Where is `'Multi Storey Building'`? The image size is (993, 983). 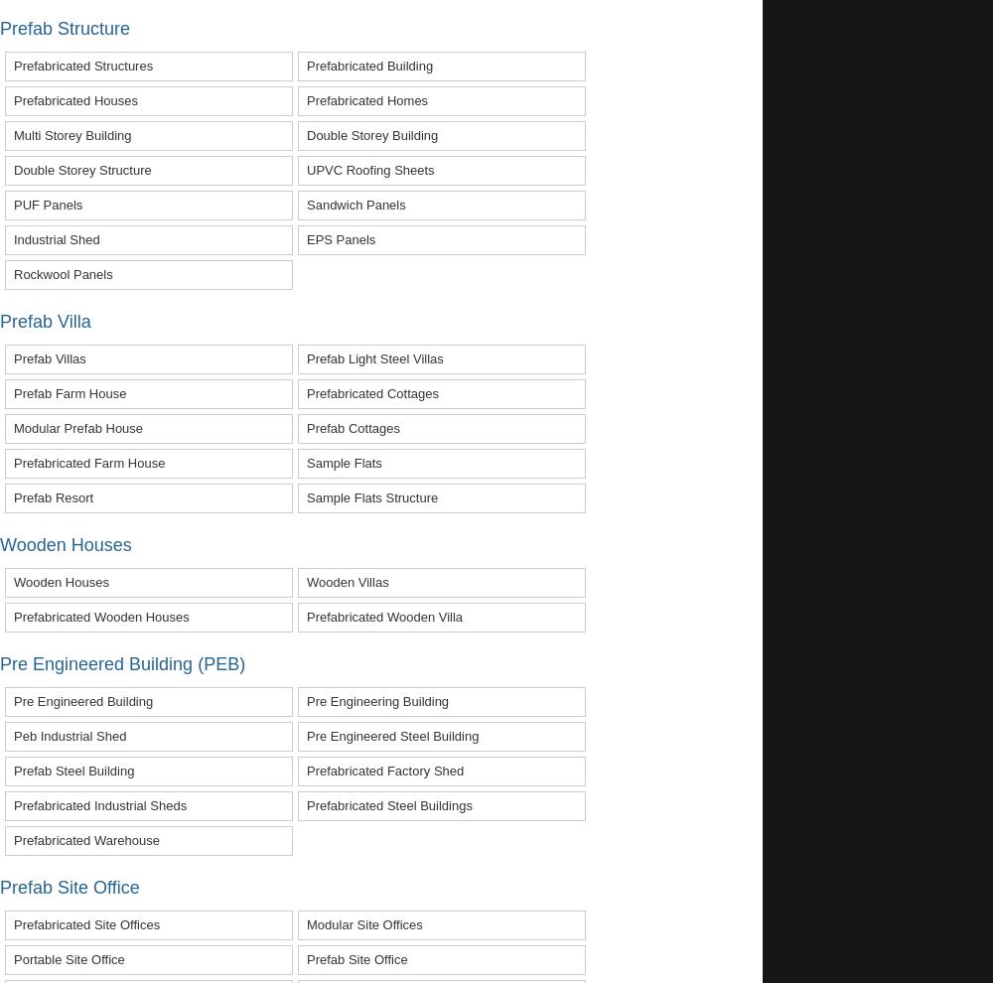
'Multi Storey Building' is located at coordinates (71, 133).